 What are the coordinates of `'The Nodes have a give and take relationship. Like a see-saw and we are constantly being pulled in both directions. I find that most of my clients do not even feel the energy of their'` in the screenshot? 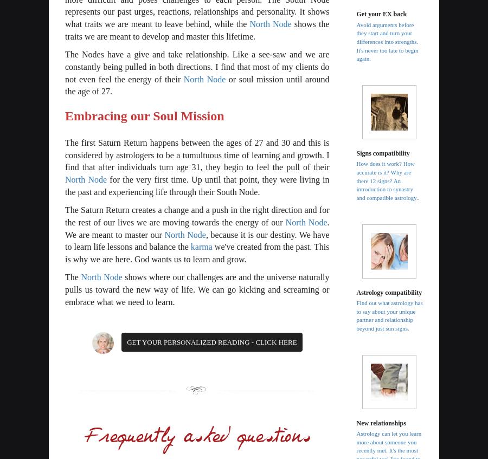 It's located at (197, 66).